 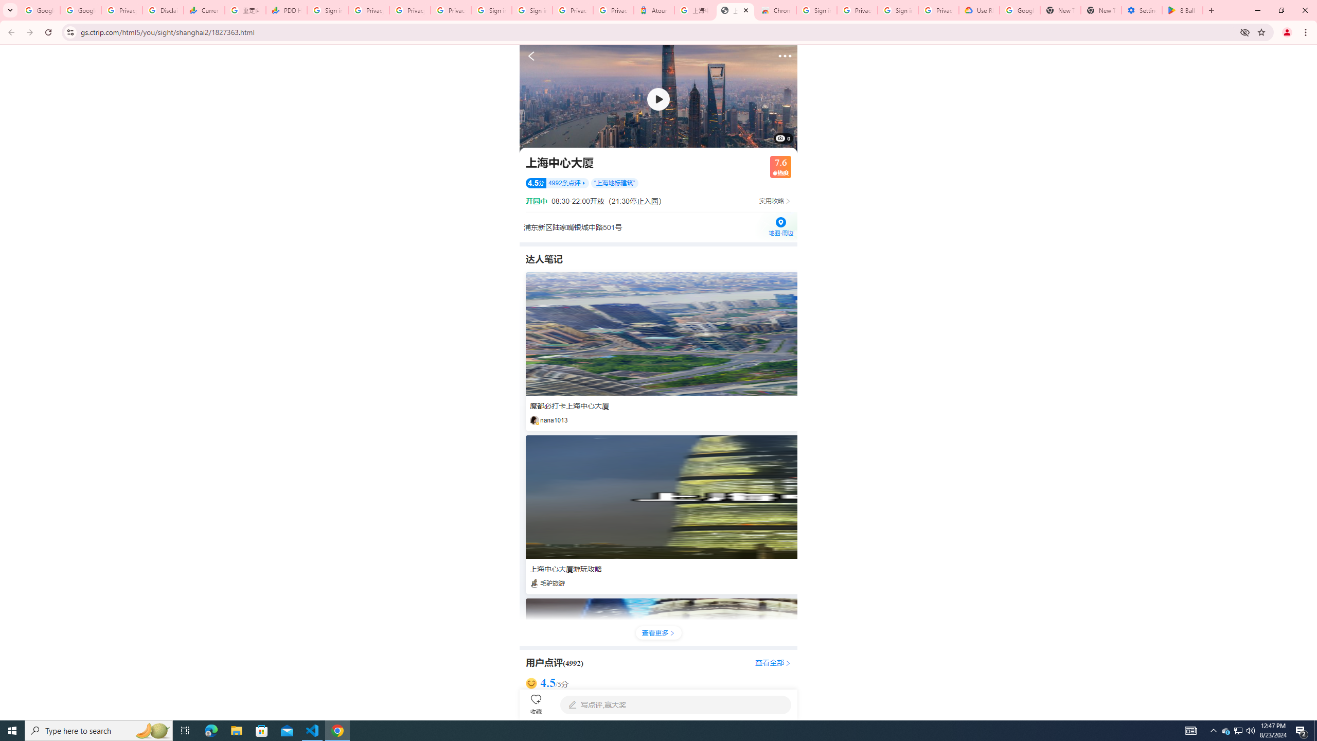 I want to click on 'Sign in - Google Accounts', so click(x=816, y=10).